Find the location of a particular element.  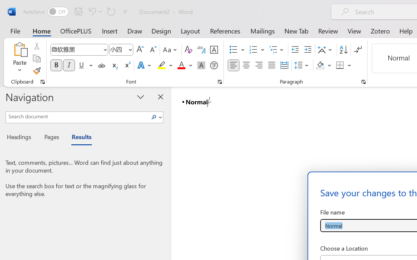

'Bullets' is located at coordinates (233, 50).